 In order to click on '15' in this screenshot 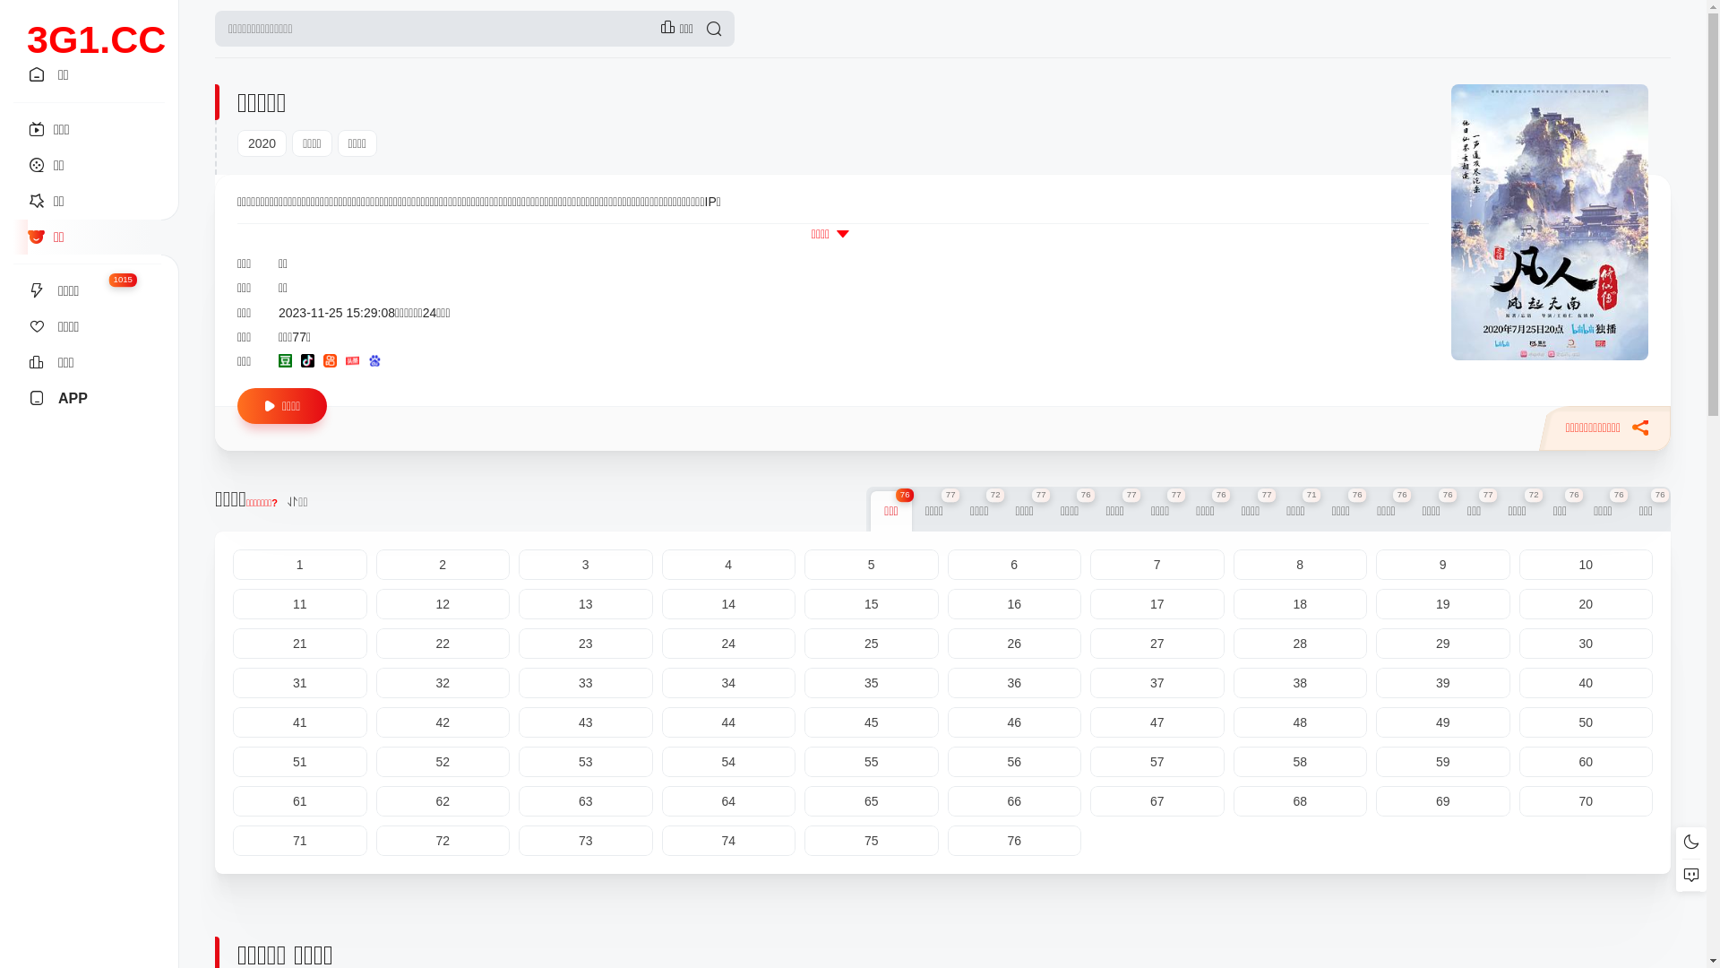, I will do `click(872, 604)`.